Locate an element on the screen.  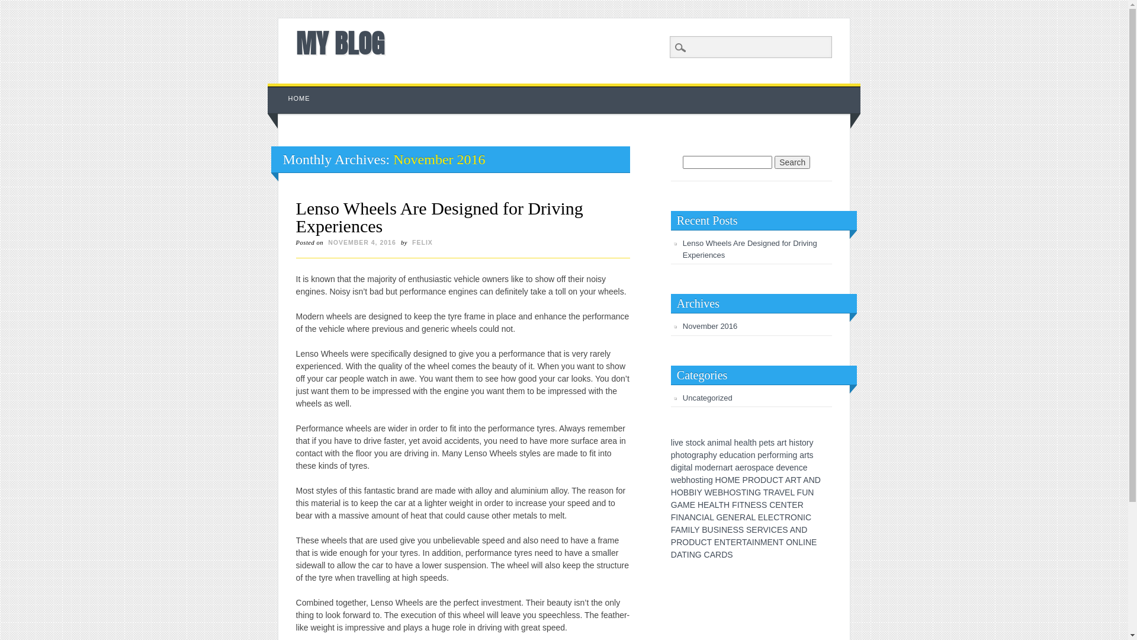
'a' is located at coordinates (762, 467).